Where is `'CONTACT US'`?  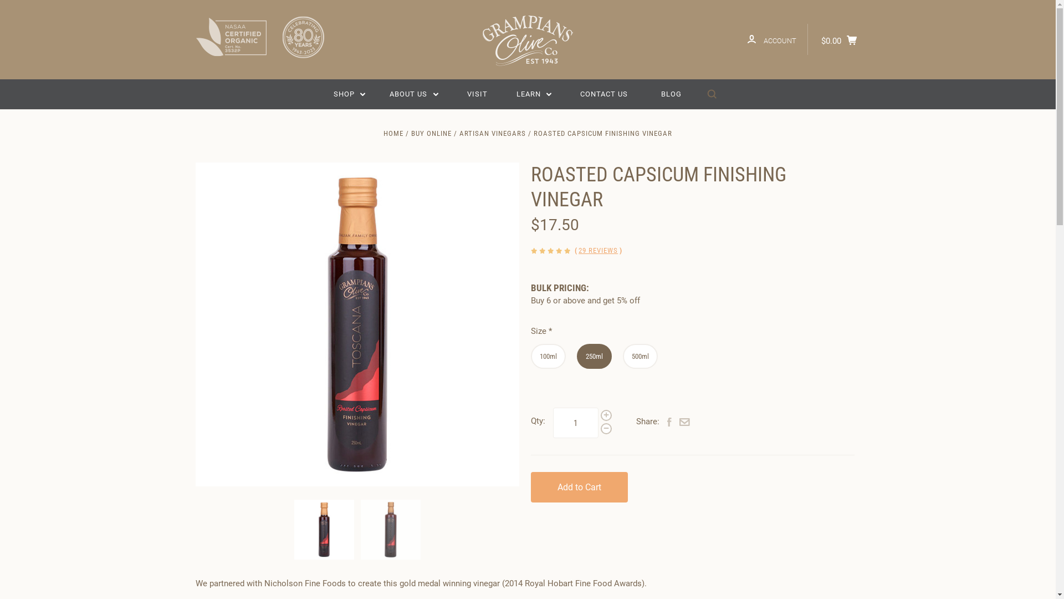 'CONTACT US' is located at coordinates (603, 93).